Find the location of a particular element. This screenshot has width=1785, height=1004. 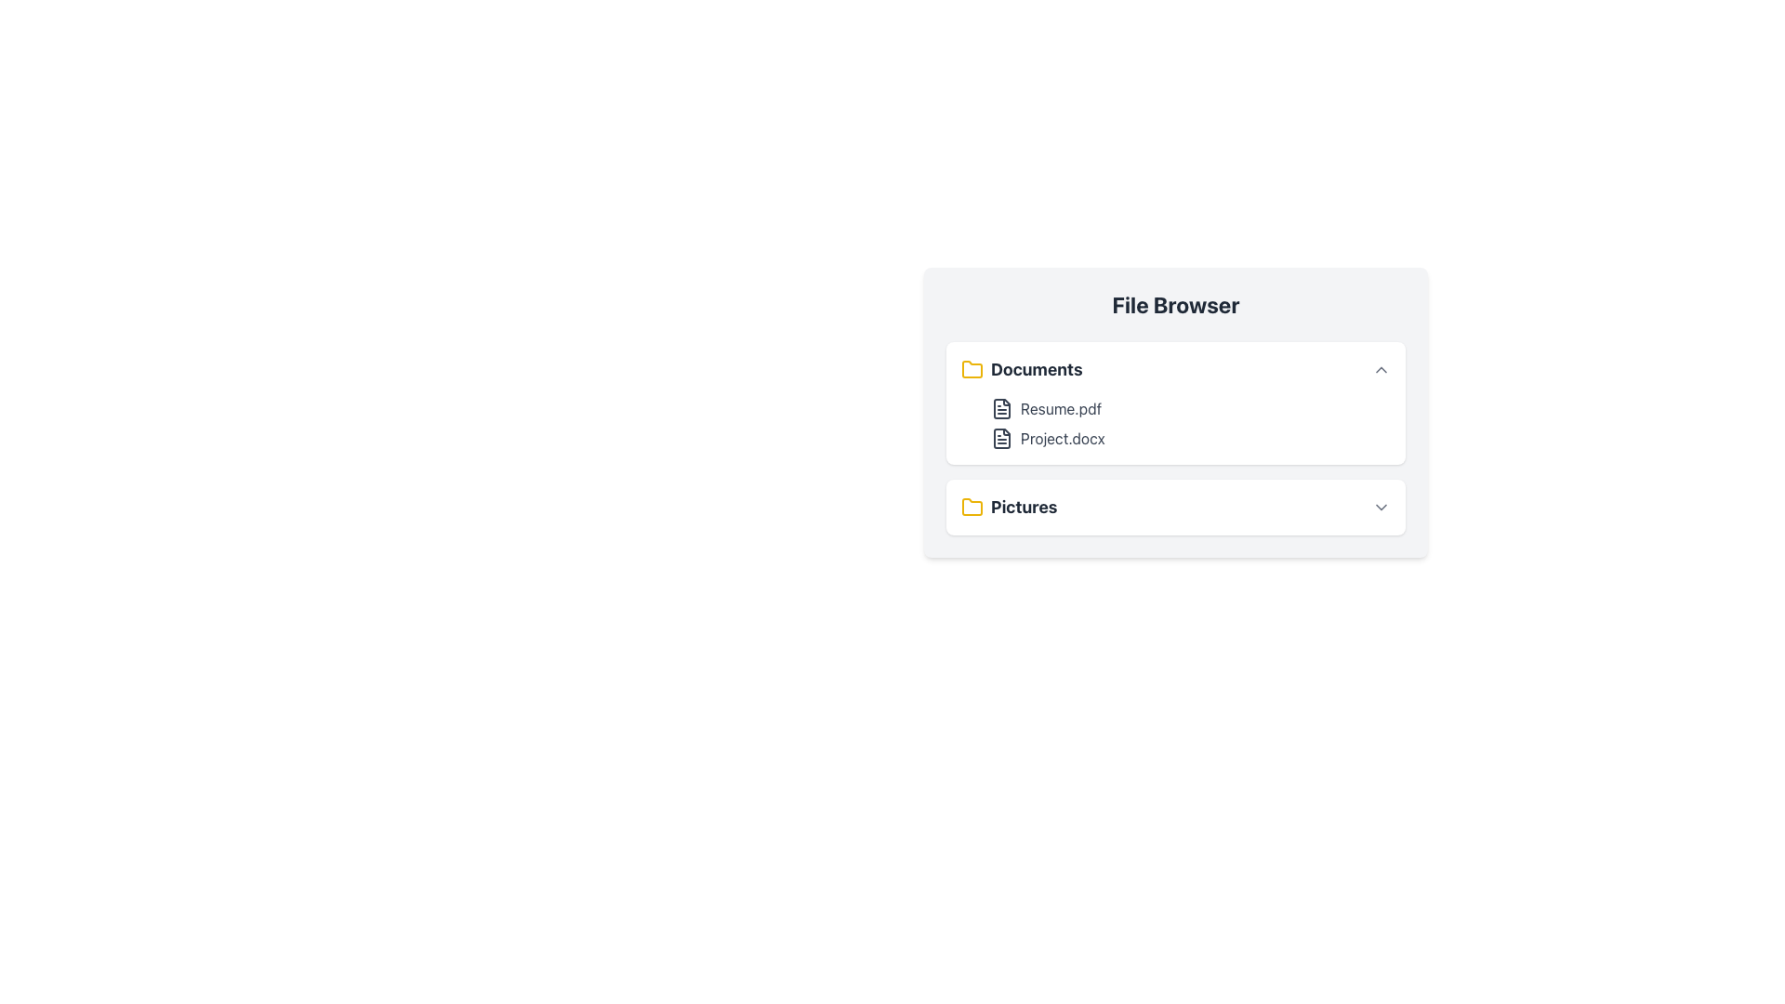

the bold text label displaying 'Pictures' located in the bottom section of the file browser interface is located at coordinates (1023, 508).